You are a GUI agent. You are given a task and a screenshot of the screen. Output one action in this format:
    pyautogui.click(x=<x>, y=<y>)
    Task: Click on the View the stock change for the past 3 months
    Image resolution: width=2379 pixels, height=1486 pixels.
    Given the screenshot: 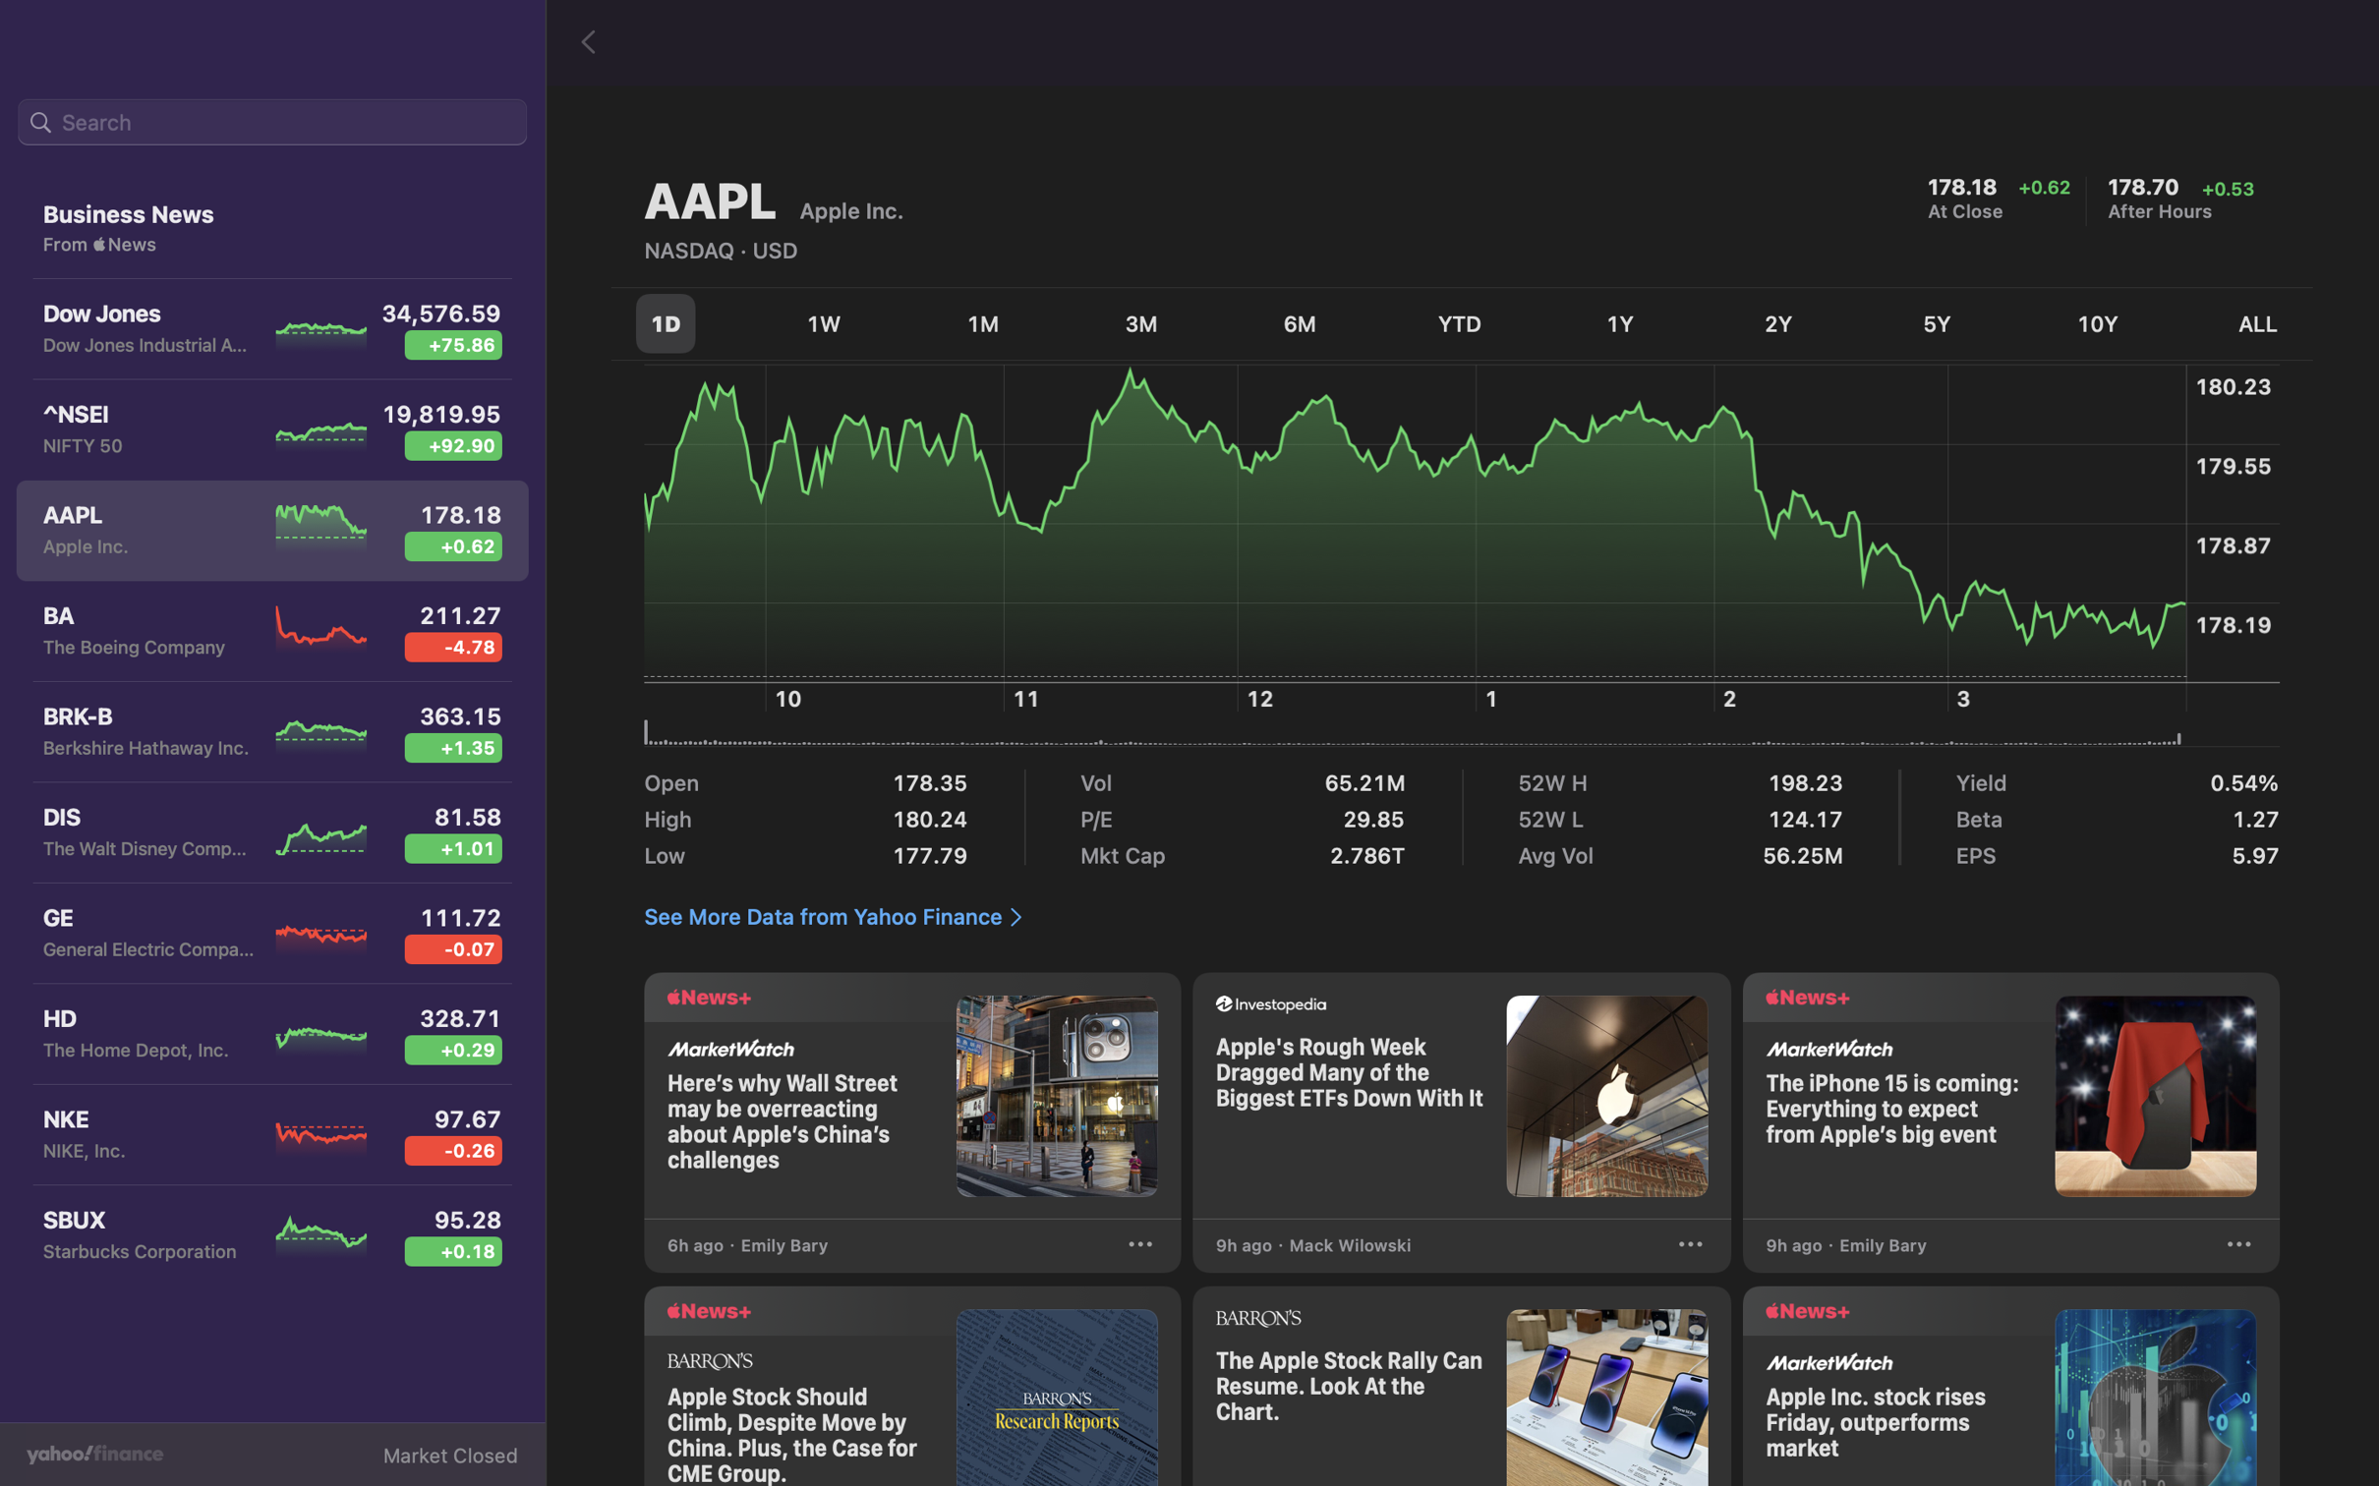 What is the action you would take?
    pyautogui.click(x=1140, y=325)
    